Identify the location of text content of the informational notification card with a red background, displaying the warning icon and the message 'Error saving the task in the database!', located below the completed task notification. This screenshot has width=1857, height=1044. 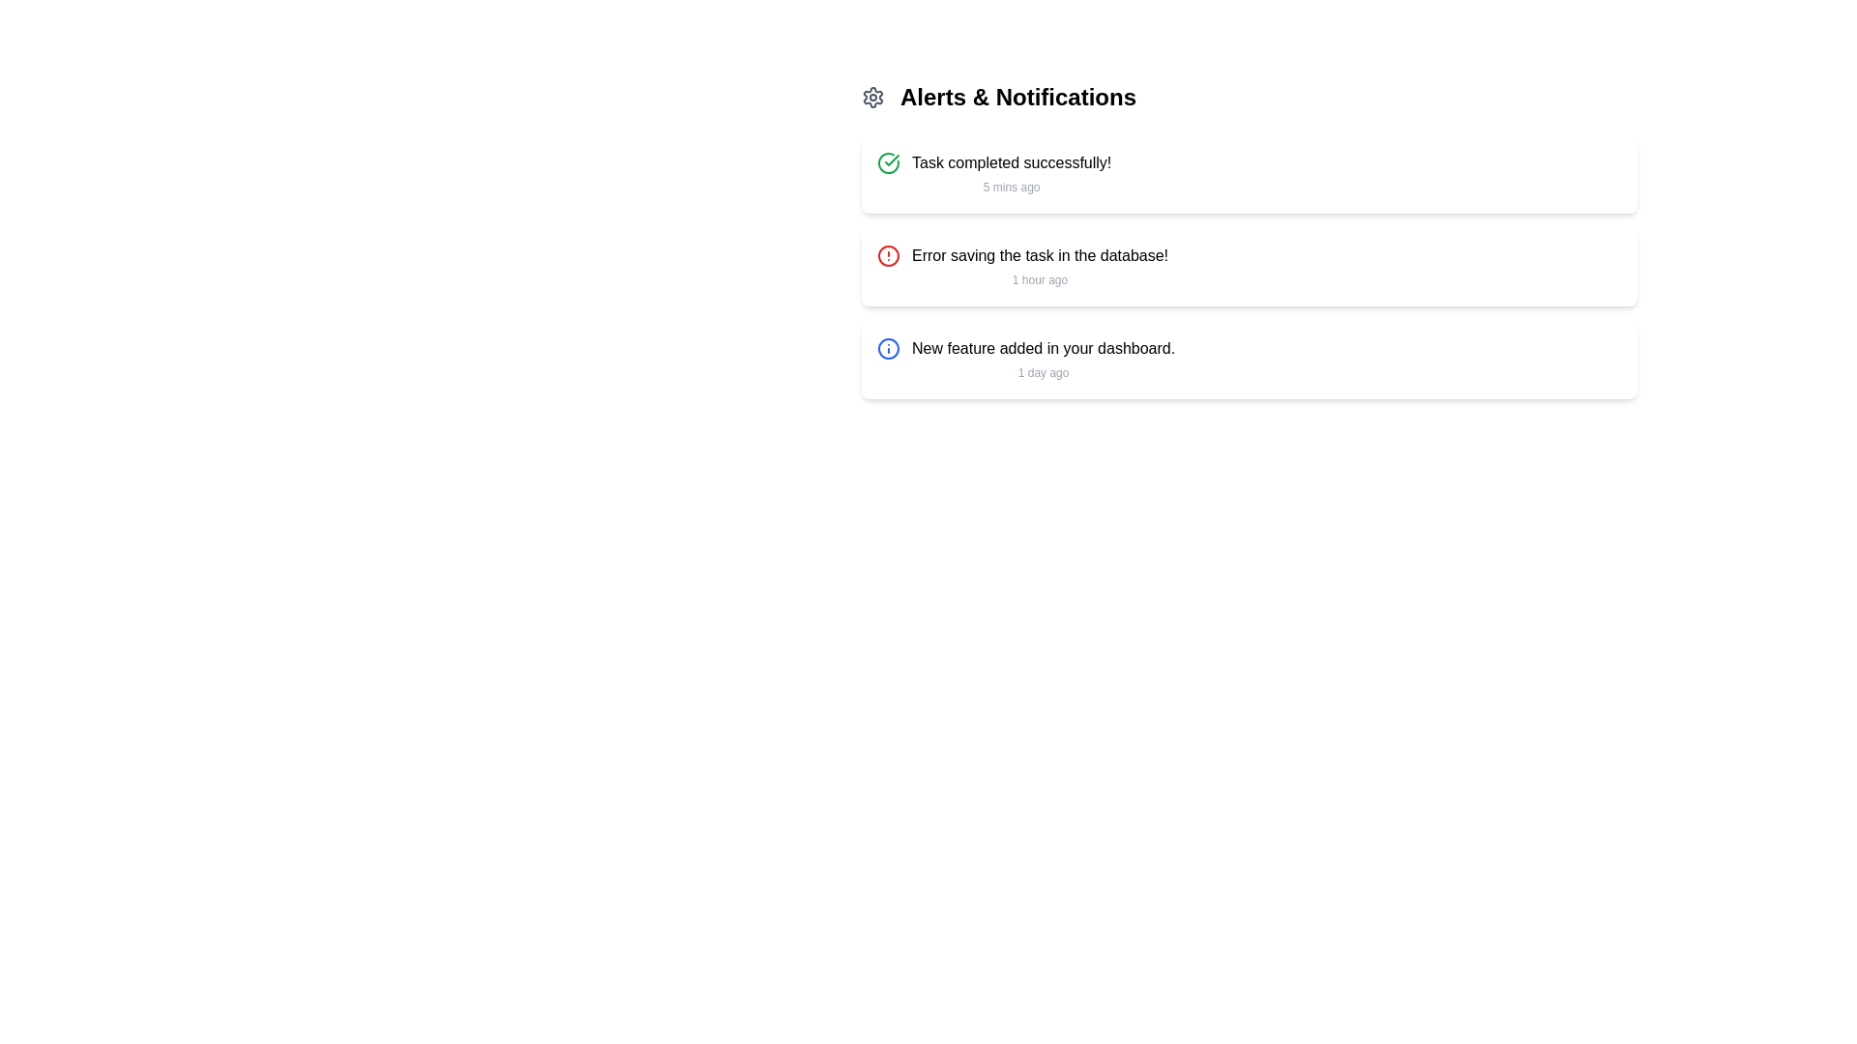
(1249, 268).